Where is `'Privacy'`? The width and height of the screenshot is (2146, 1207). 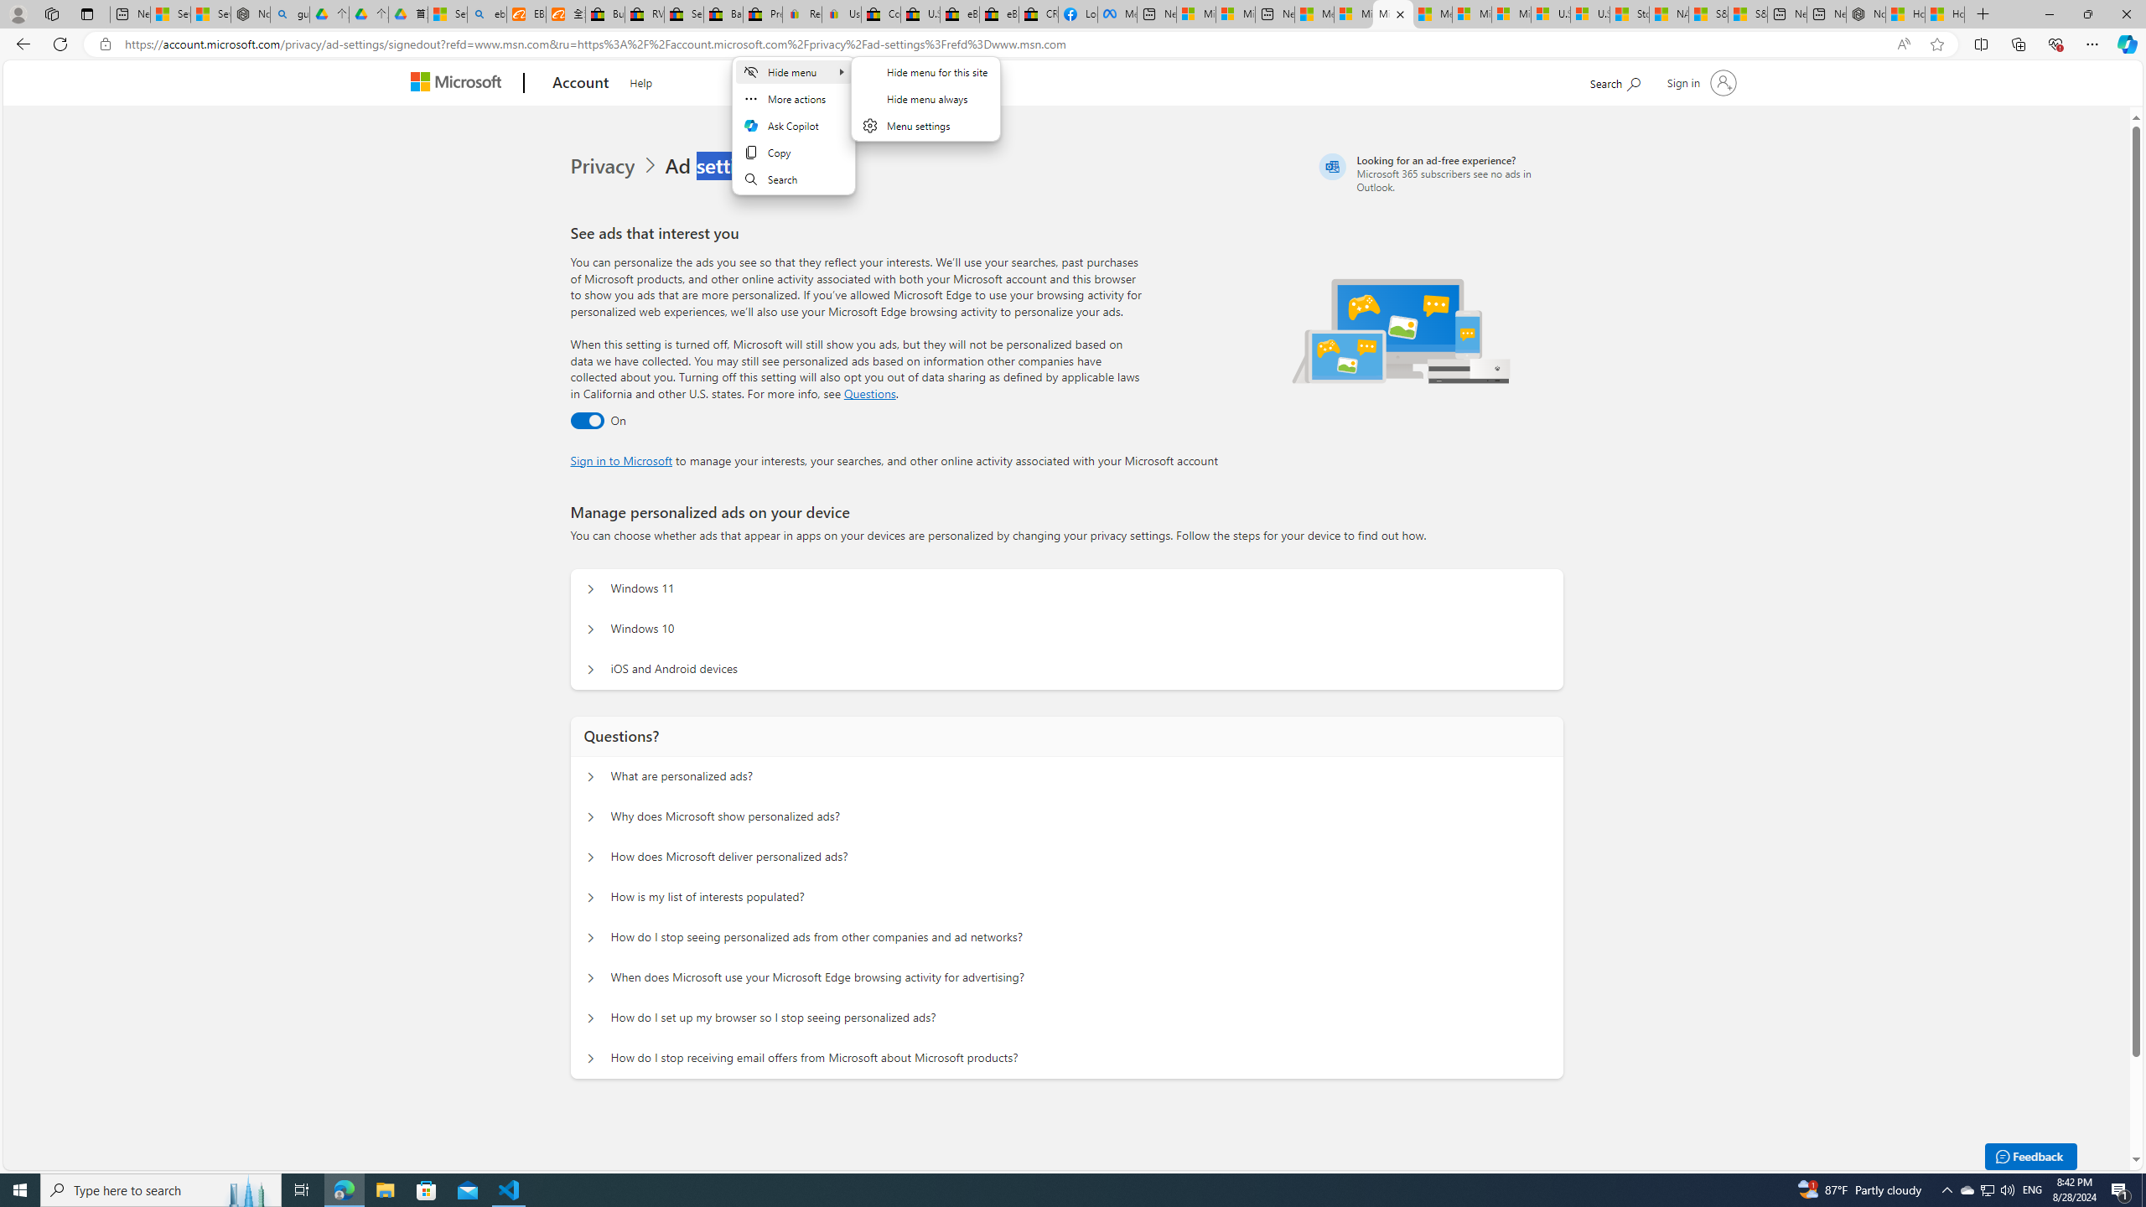 'Privacy' is located at coordinates (616, 166).